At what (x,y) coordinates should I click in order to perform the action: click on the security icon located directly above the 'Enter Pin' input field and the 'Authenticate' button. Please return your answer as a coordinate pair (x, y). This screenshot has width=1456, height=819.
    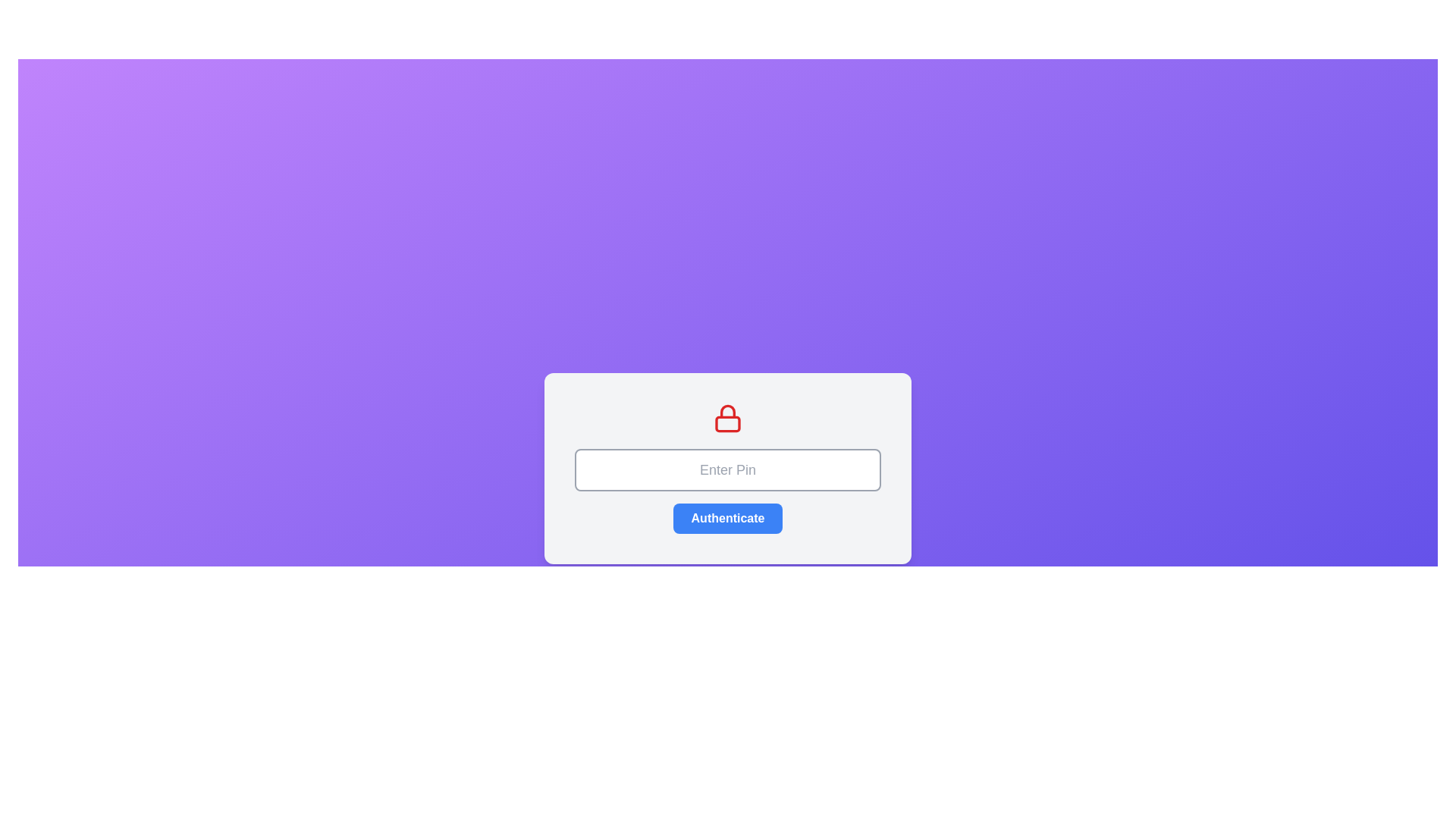
    Looking at the image, I should click on (728, 418).